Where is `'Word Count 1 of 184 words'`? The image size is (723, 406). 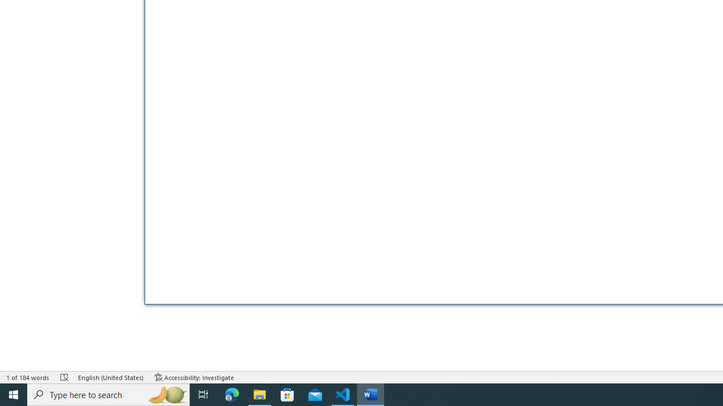
'Word Count 1 of 184 words' is located at coordinates (28, 377).